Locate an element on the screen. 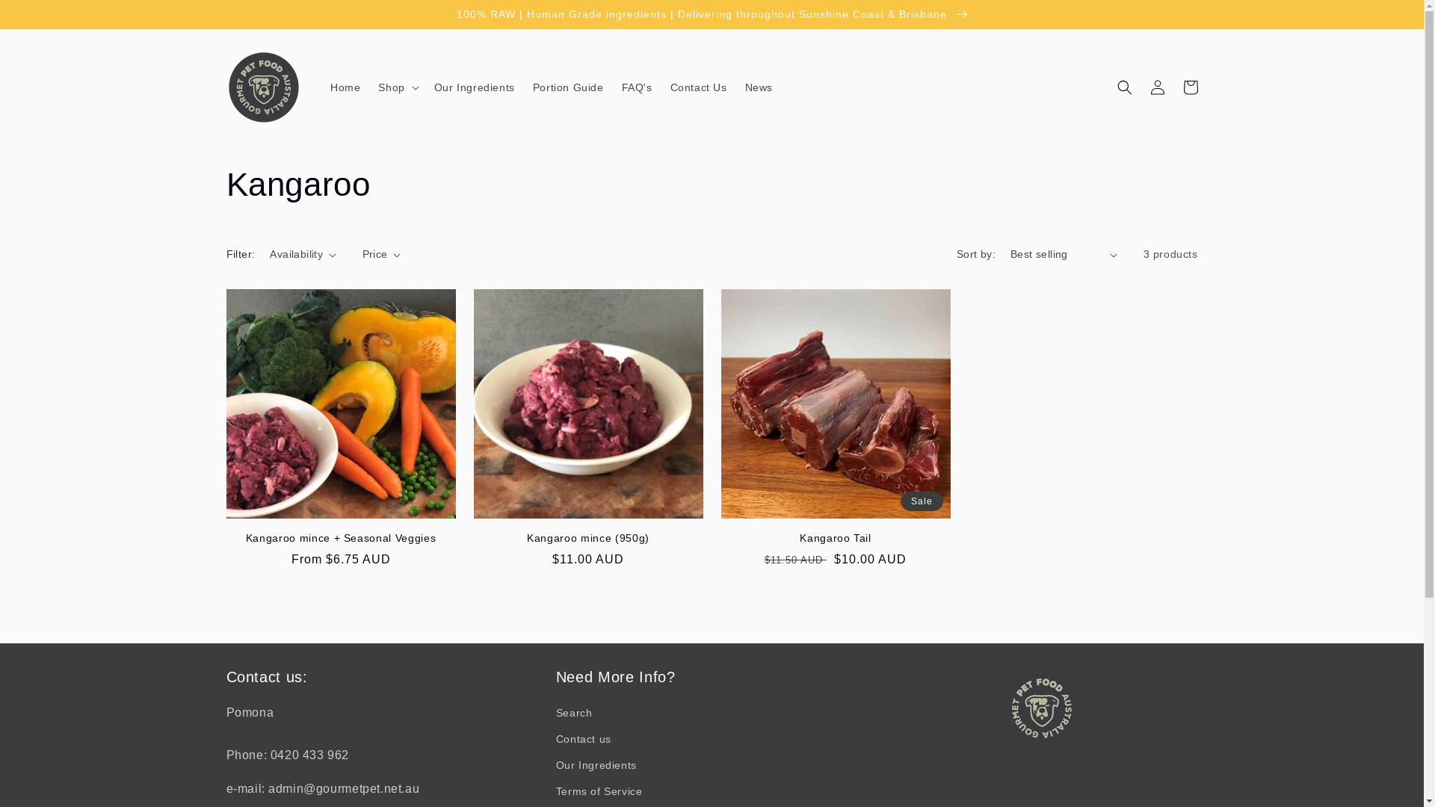  'Our Ingredients' is located at coordinates (595, 765).